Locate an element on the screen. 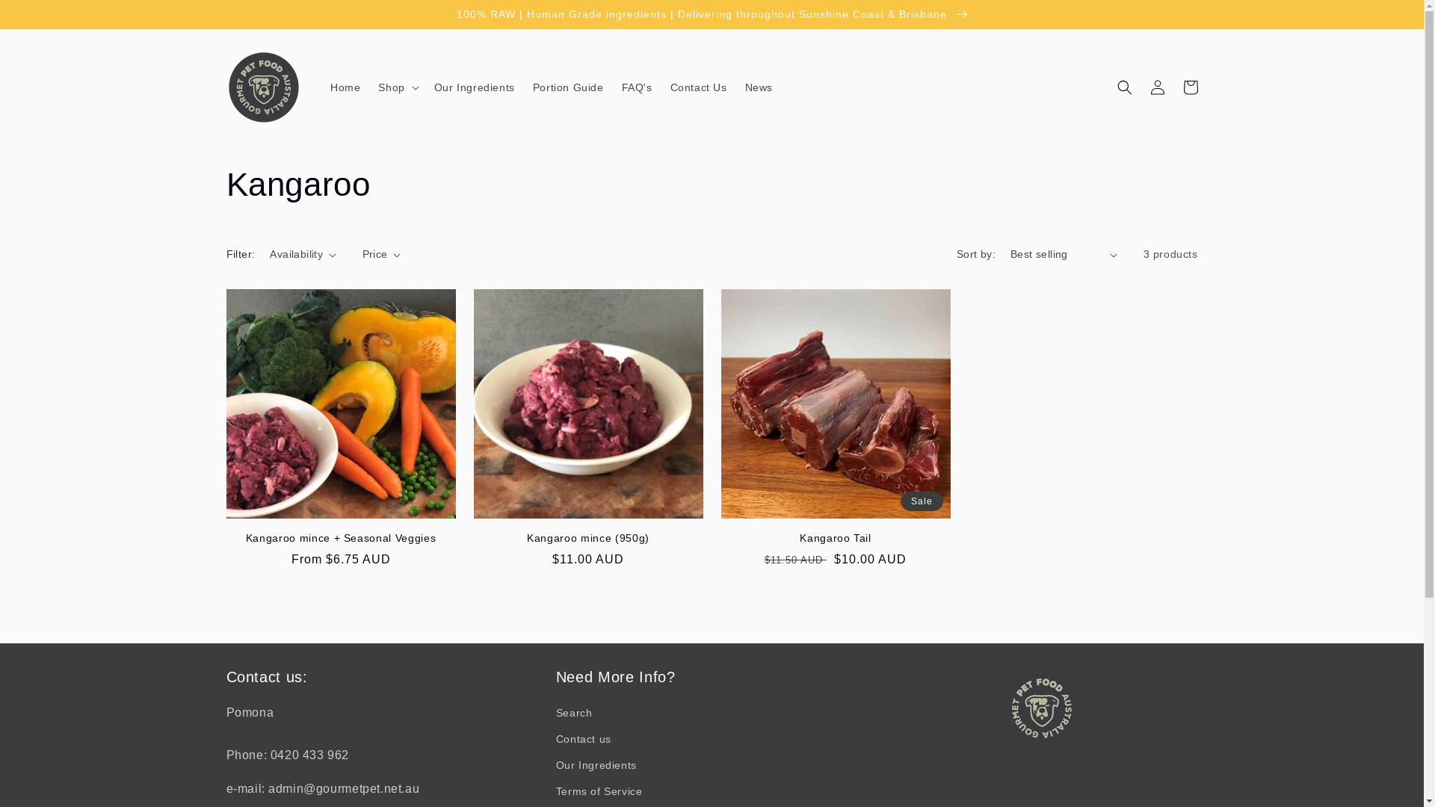  'Our Ingredients' is located at coordinates (595, 765).